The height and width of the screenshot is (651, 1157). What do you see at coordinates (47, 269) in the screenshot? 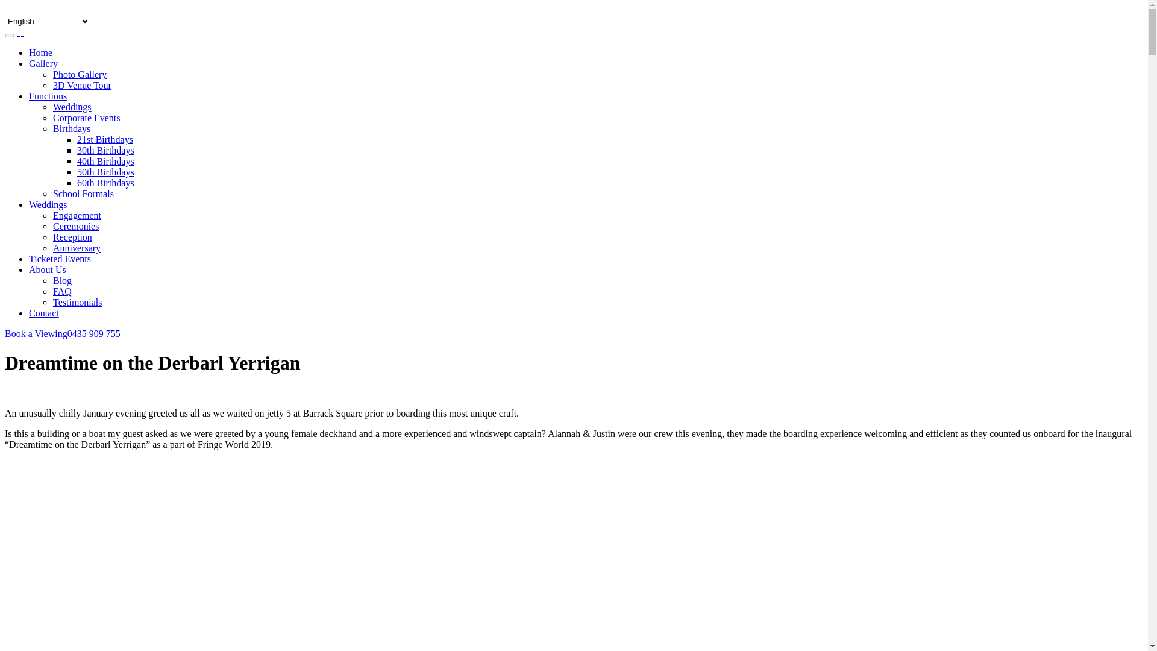
I see `'About Us'` at bounding box center [47, 269].